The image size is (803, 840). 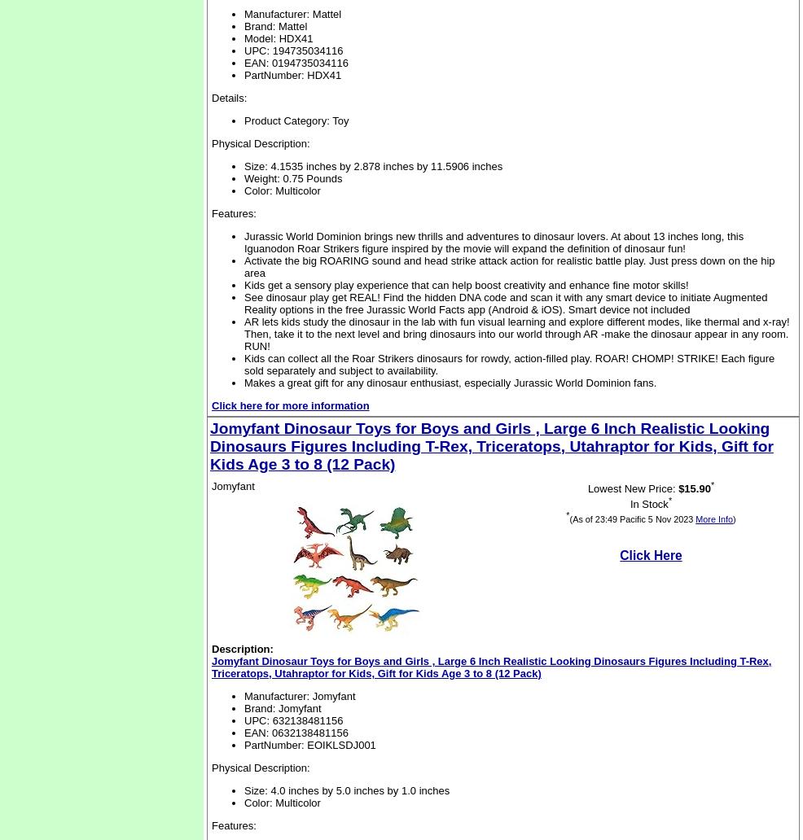 I want to click on 'Lowest New Price:', so click(x=632, y=488).